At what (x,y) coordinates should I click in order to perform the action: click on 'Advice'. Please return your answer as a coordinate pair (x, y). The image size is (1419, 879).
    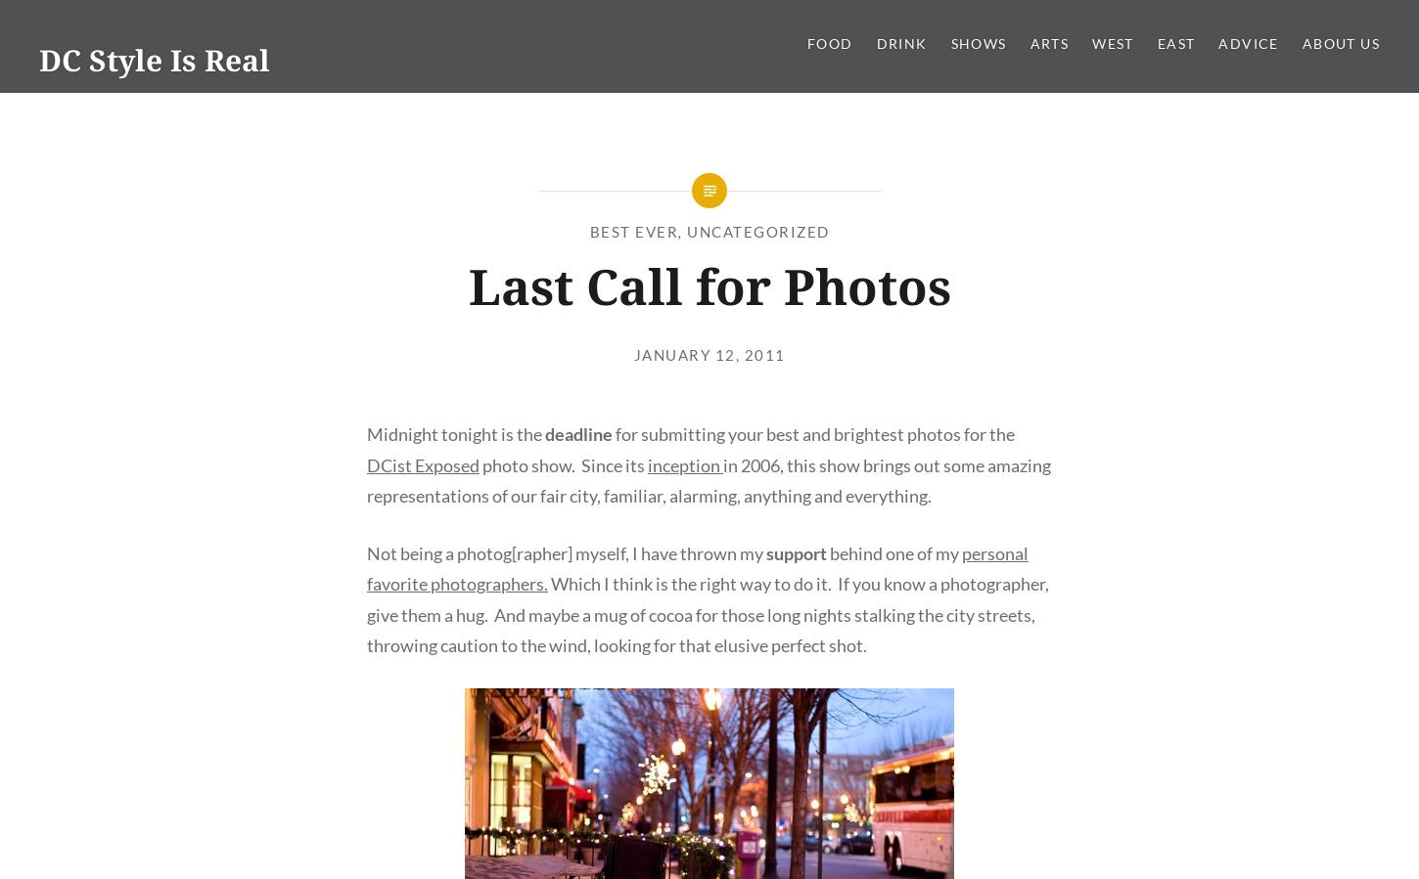
    Looking at the image, I should click on (1248, 42).